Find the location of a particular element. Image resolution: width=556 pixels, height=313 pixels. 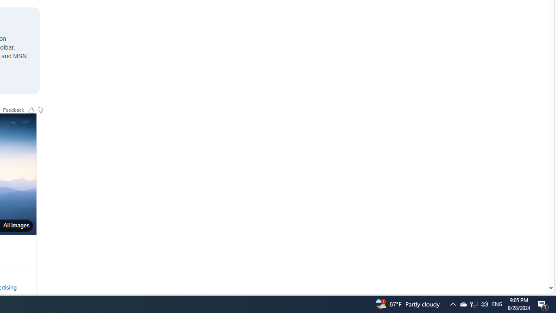

'Feedback Like' is located at coordinates (31, 109).